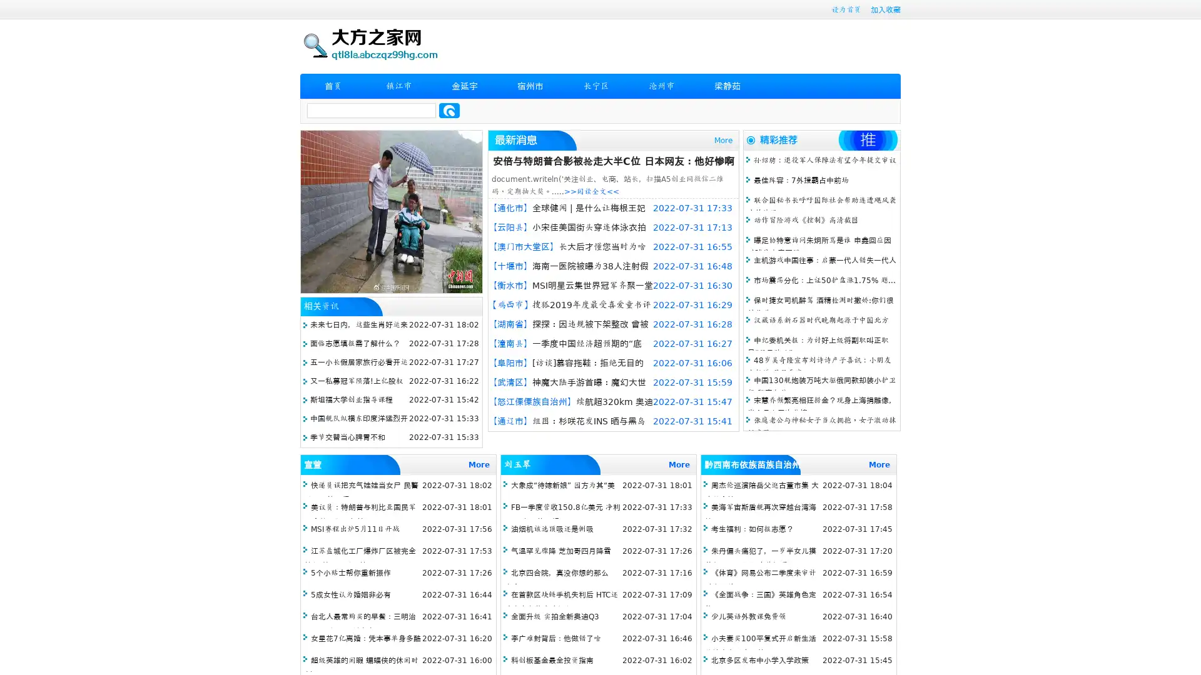  What do you see at coordinates (449, 110) in the screenshot?
I see `Search` at bounding box center [449, 110].